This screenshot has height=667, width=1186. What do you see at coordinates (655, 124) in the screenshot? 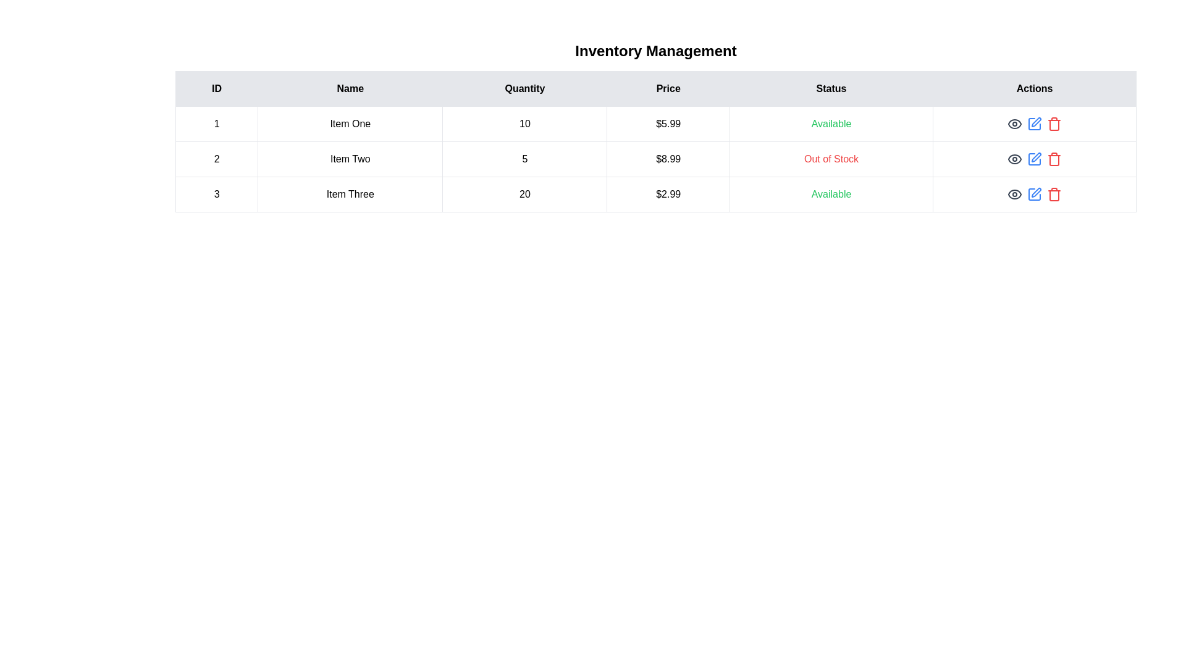
I see `the row corresponding to 1` at bounding box center [655, 124].